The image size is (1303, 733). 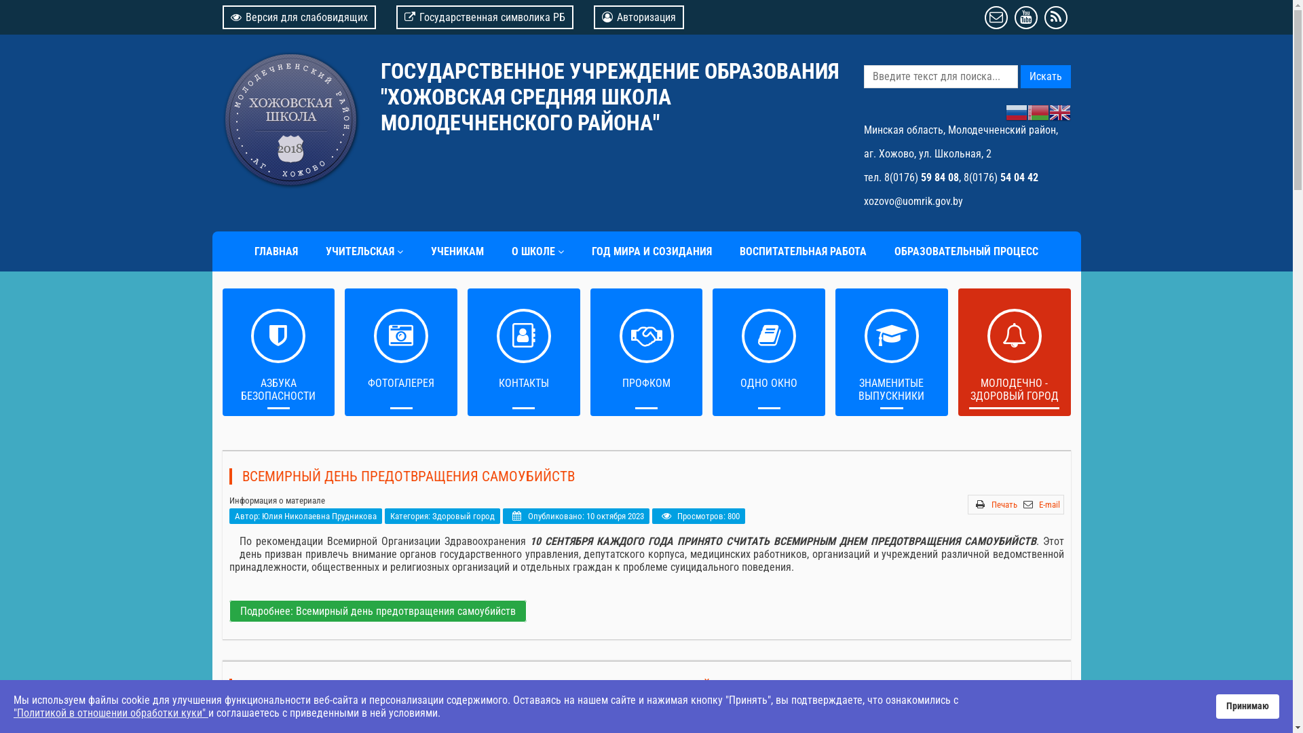 What do you see at coordinates (1000, 176) in the screenshot?
I see `'8(0176) 54 04 42'` at bounding box center [1000, 176].